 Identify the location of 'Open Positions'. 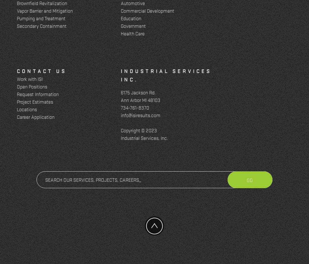
(32, 86).